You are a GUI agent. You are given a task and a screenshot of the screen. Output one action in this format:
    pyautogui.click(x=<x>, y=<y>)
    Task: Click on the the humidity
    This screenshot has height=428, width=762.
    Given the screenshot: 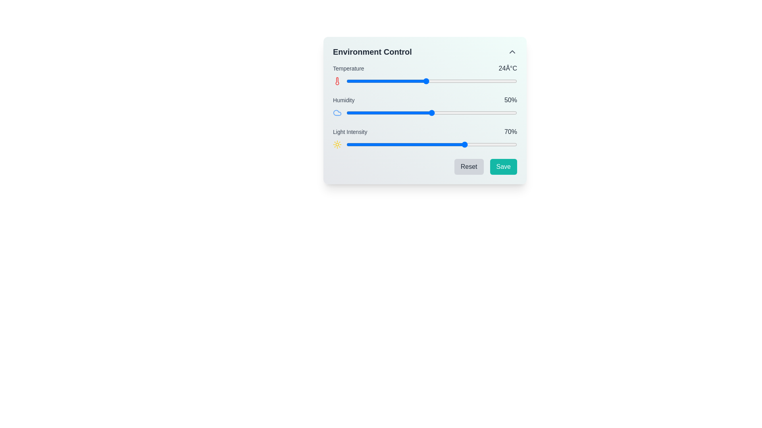 What is the action you would take?
    pyautogui.click(x=481, y=113)
    